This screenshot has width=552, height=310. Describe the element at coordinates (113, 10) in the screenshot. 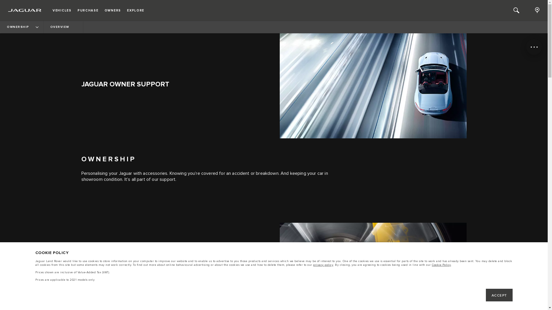

I see `'OWNERS'` at that location.